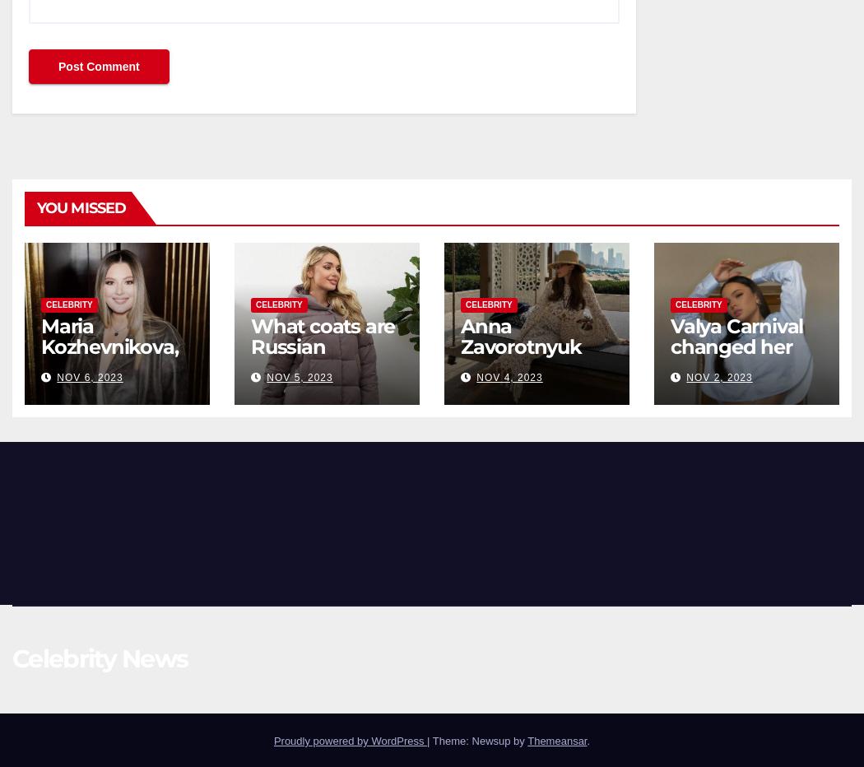 This screenshot has height=767, width=864. What do you see at coordinates (718, 376) in the screenshot?
I see `'Nov 2, 2023'` at bounding box center [718, 376].